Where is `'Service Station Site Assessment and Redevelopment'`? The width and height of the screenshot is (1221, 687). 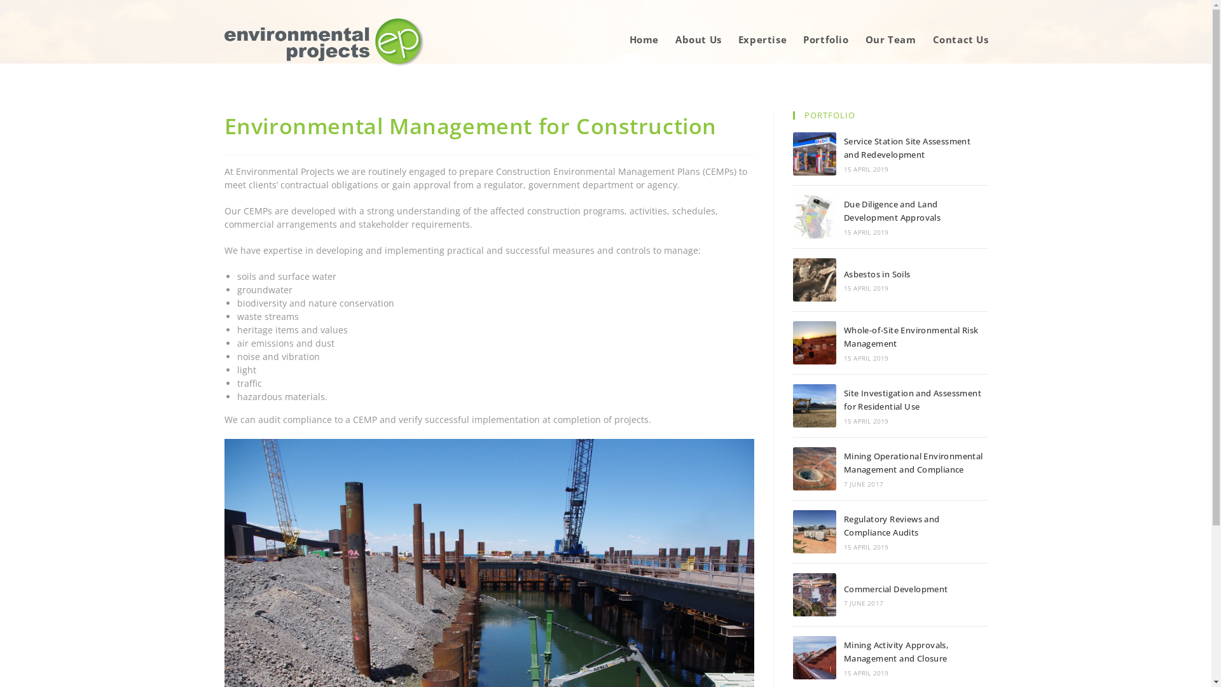
'Service Station Site Assessment and Redevelopment' is located at coordinates (906, 147).